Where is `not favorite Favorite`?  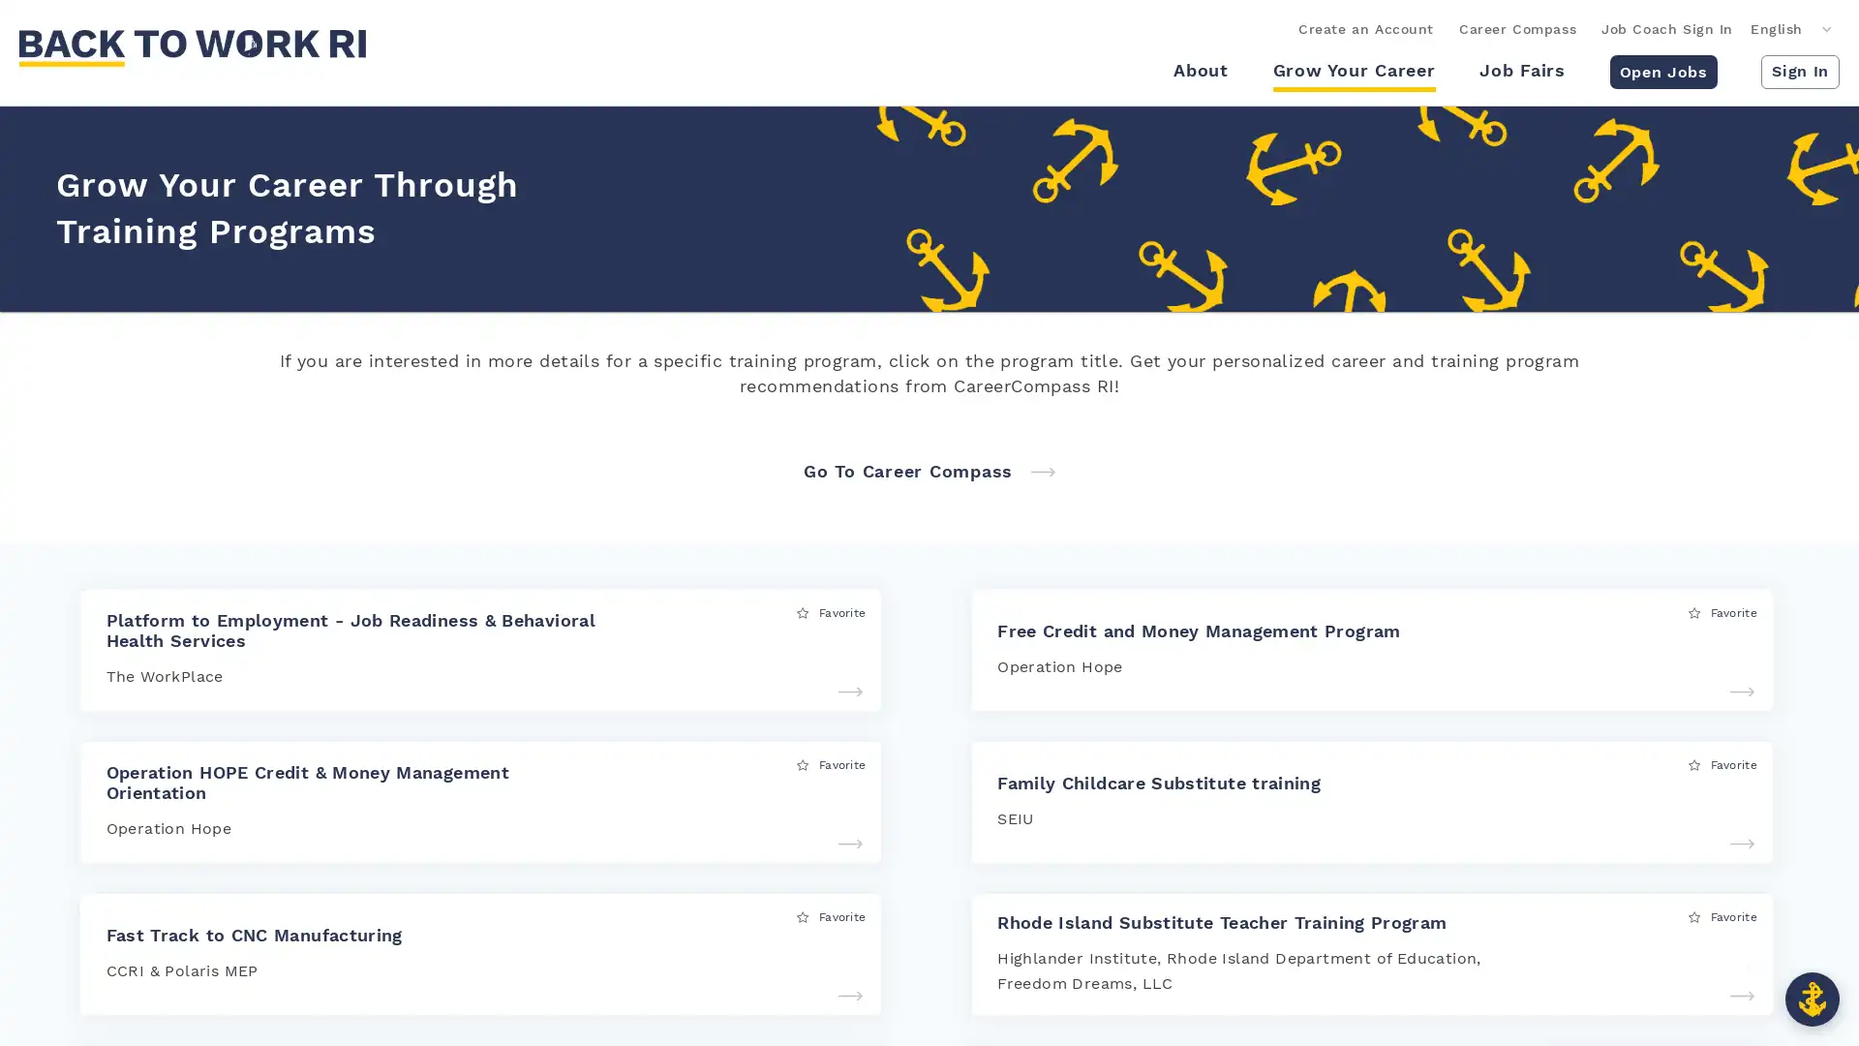
not favorite Favorite is located at coordinates (831, 612).